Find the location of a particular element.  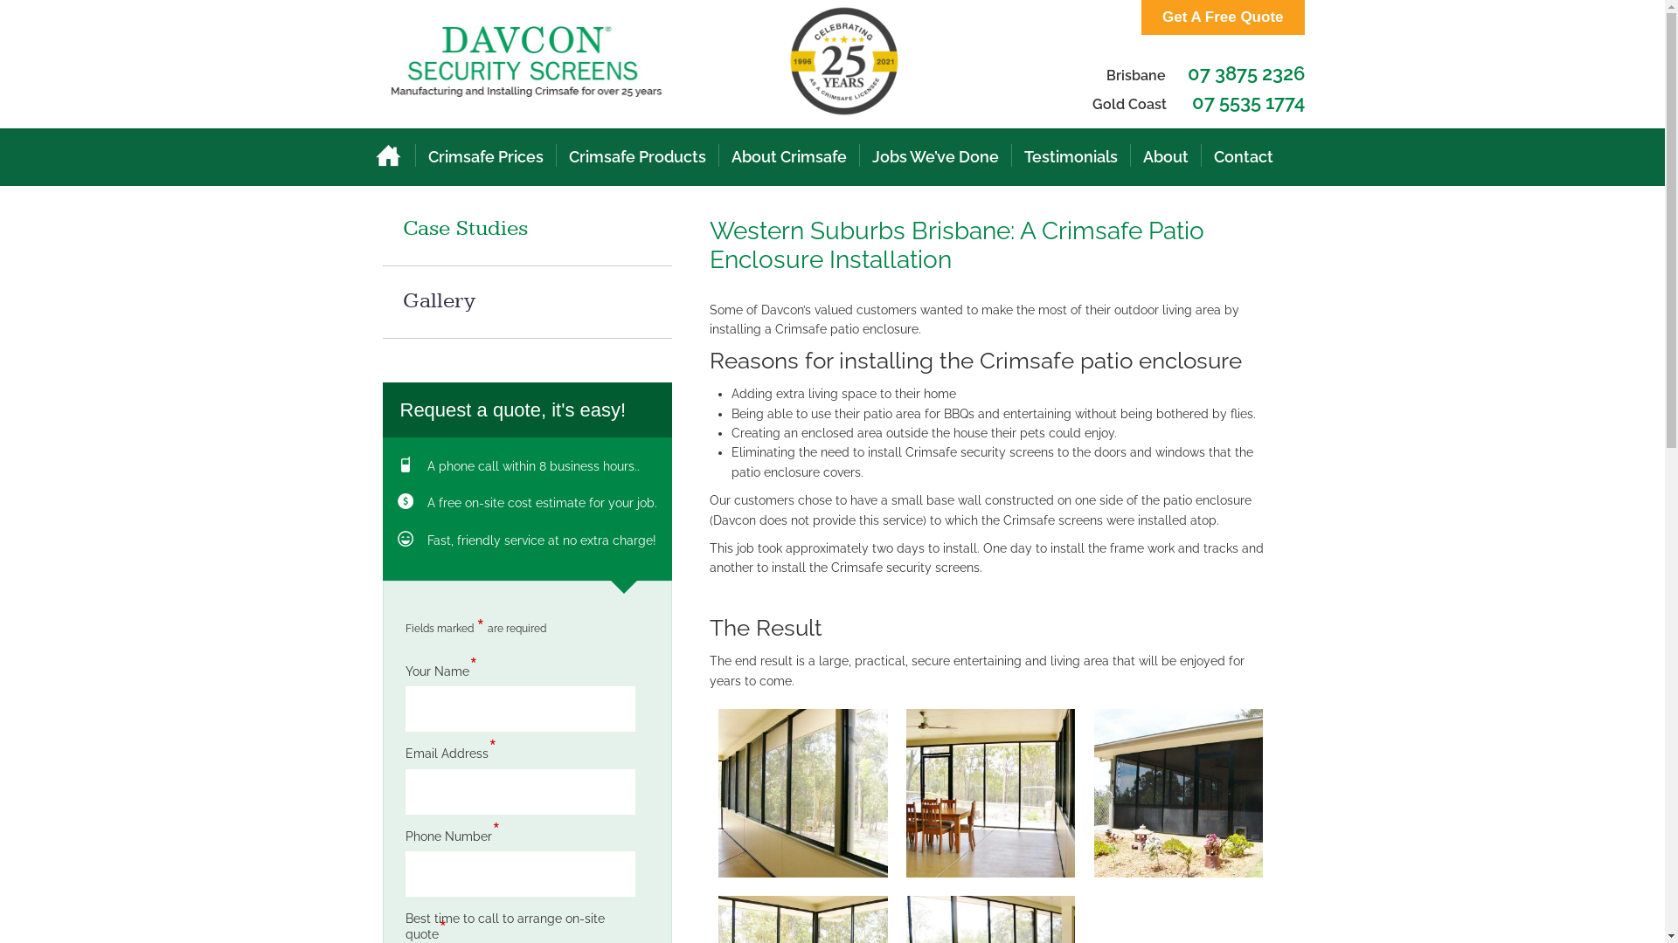

'Crimsafe Products' is located at coordinates (635, 157).